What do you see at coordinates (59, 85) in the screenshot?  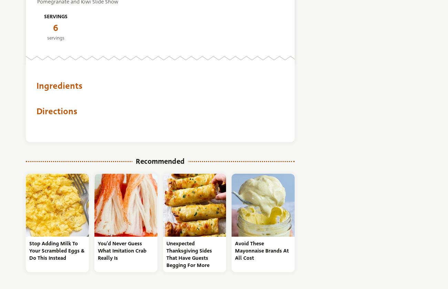 I see `'Ingredients'` at bounding box center [59, 85].